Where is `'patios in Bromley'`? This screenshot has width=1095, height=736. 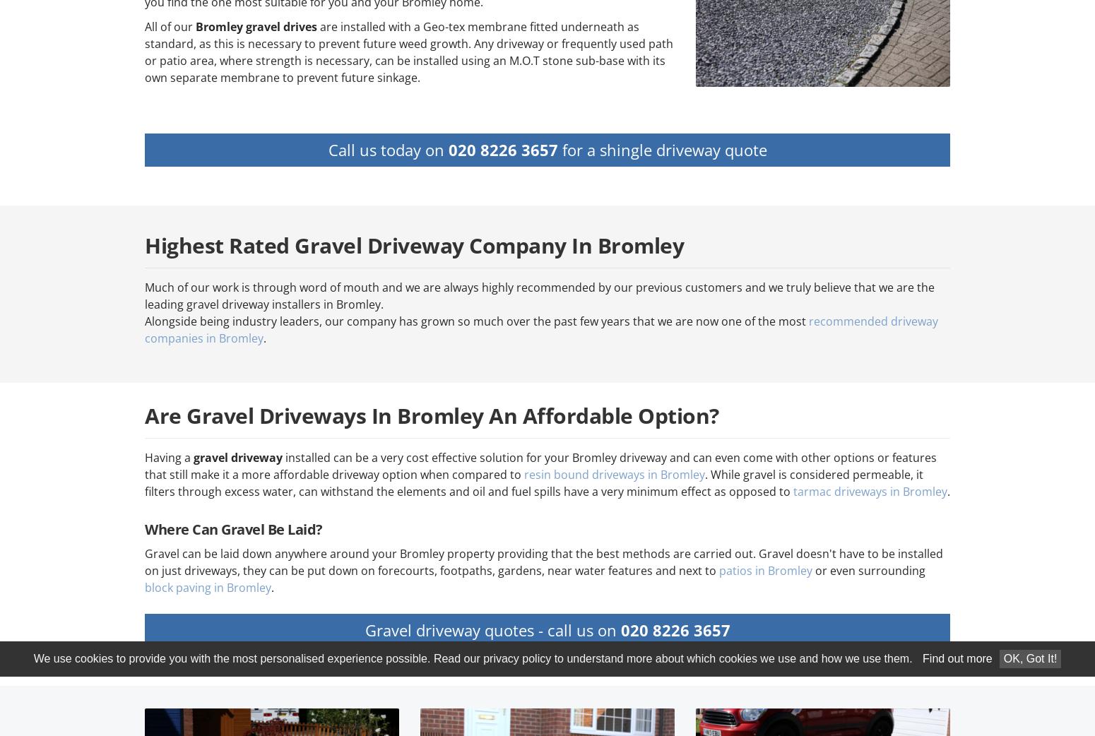 'patios in Bromley' is located at coordinates (766, 570).